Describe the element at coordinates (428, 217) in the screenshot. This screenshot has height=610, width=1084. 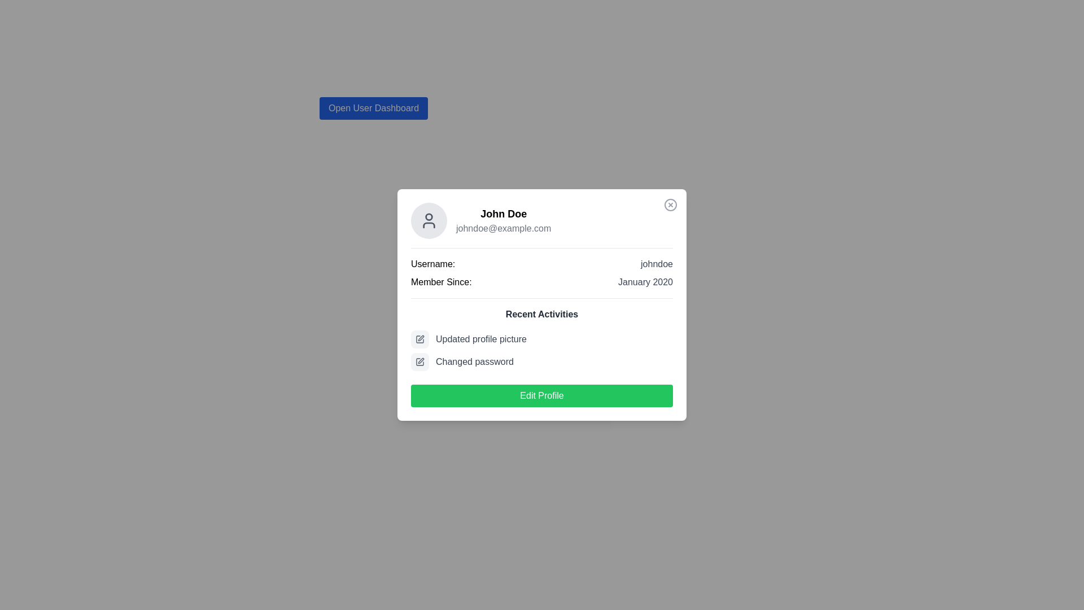
I see `the decorative circle that represents the user's head within the profile picture icon located at the top-left section of the profile card` at that location.